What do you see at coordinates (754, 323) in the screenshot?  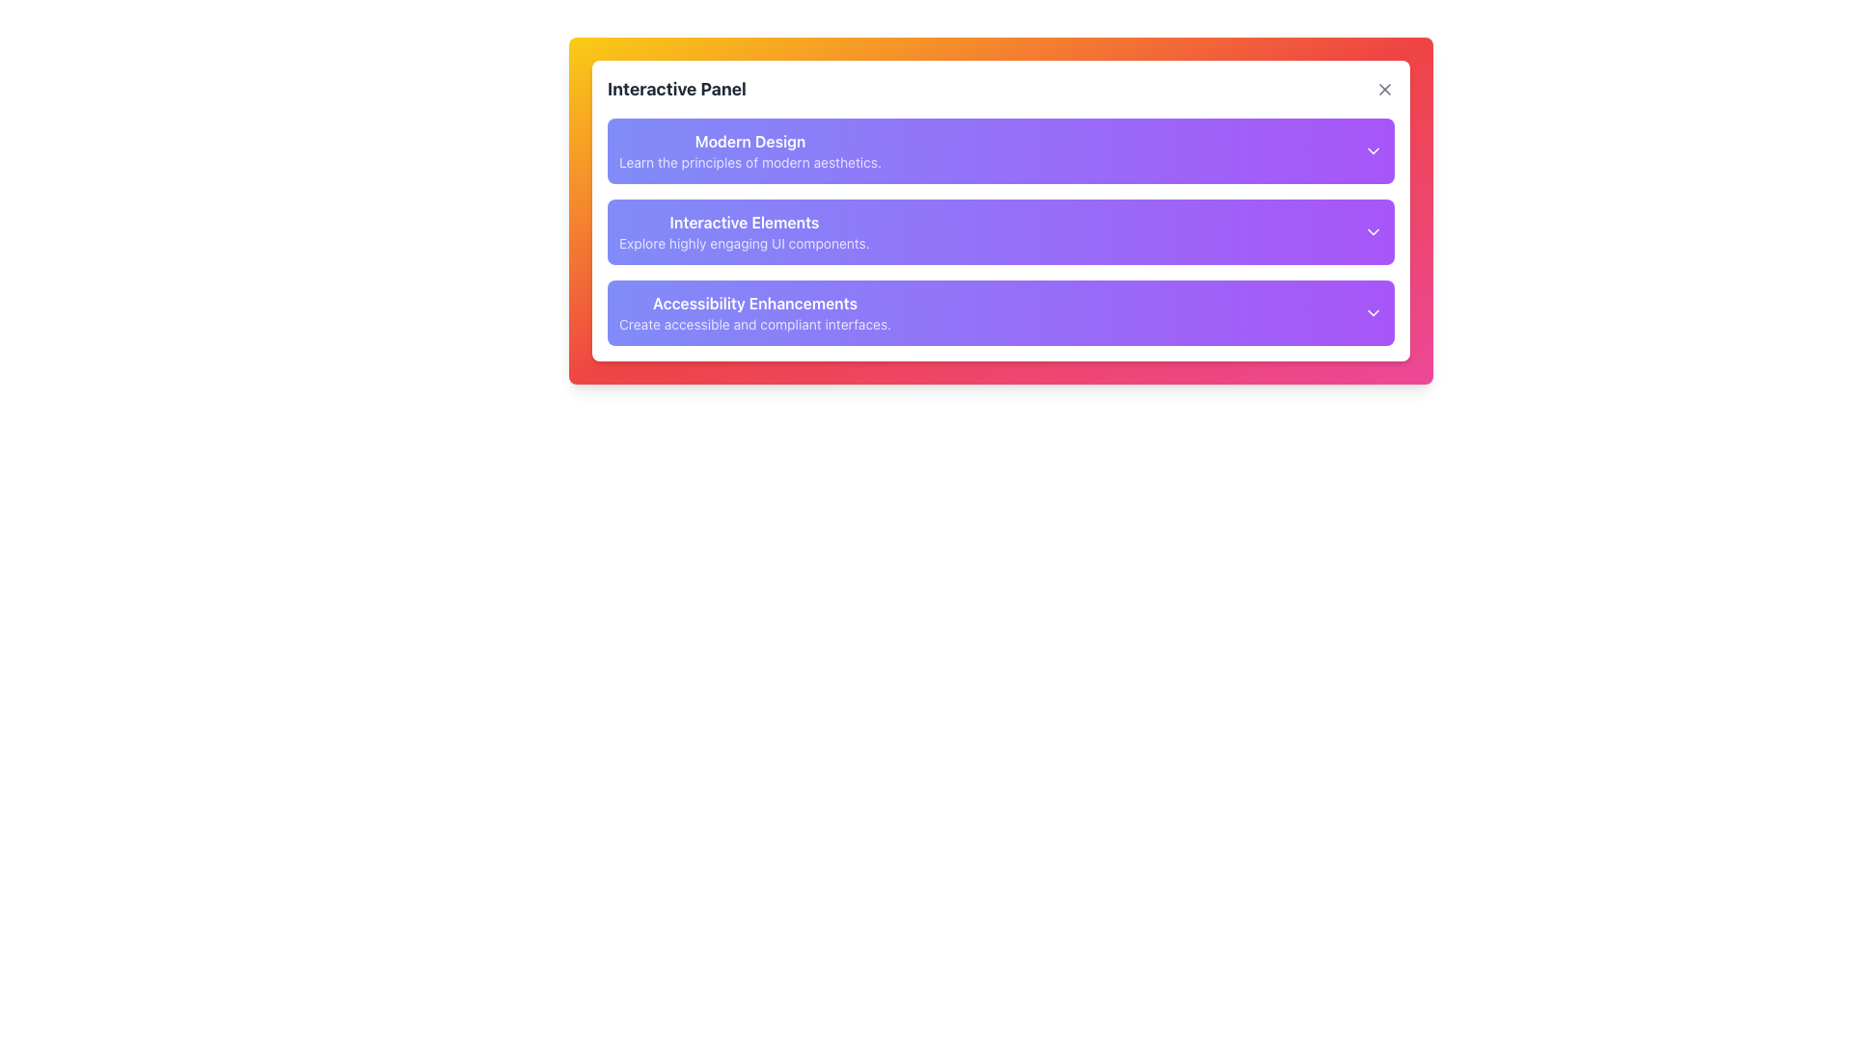 I see `the text label displaying 'Create accessible and compliant interfaces.' which is positioned under the title 'Accessibility Enhancements' on a purple background` at bounding box center [754, 323].